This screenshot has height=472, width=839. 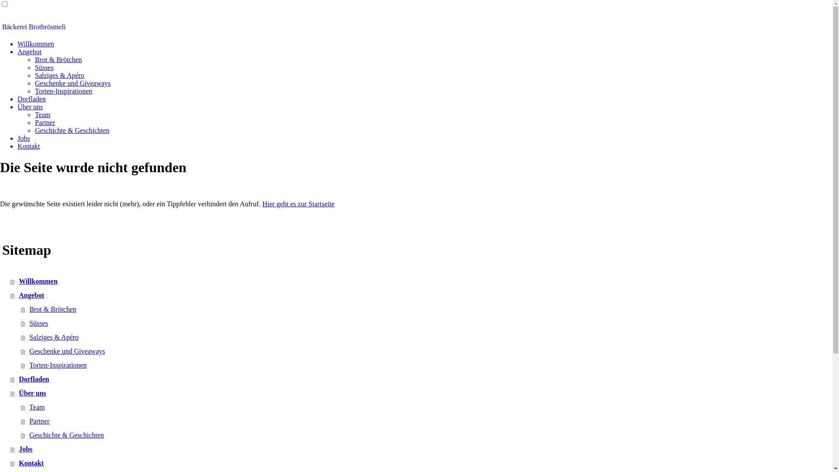 What do you see at coordinates (29, 146) in the screenshot?
I see `'Kontakt'` at bounding box center [29, 146].